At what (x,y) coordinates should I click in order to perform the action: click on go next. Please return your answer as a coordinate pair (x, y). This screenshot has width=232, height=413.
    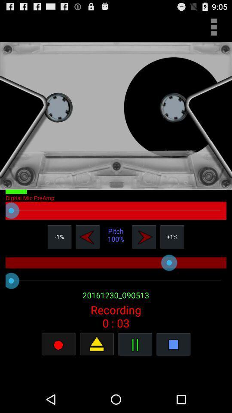
    Looking at the image, I should click on (144, 237).